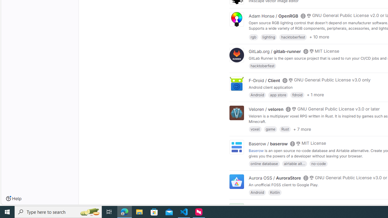 The height and width of the screenshot is (218, 388). Describe the element at coordinates (294, 163) in the screenshot. I see `'airtable alt...'` at that location.